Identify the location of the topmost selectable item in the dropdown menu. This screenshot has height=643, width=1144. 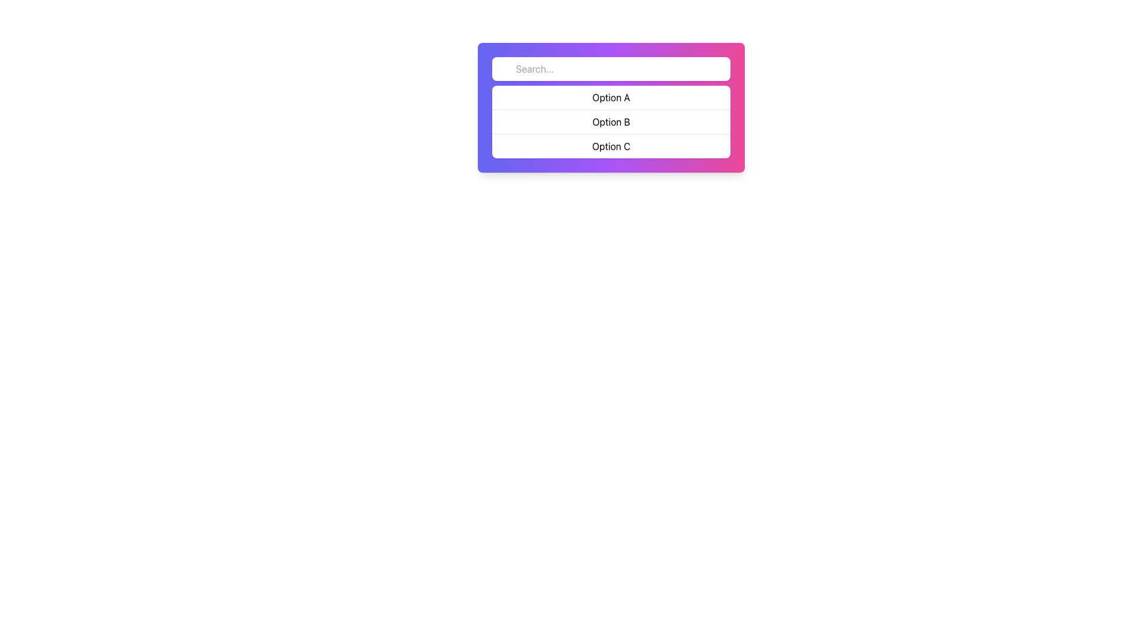
(611, 97).